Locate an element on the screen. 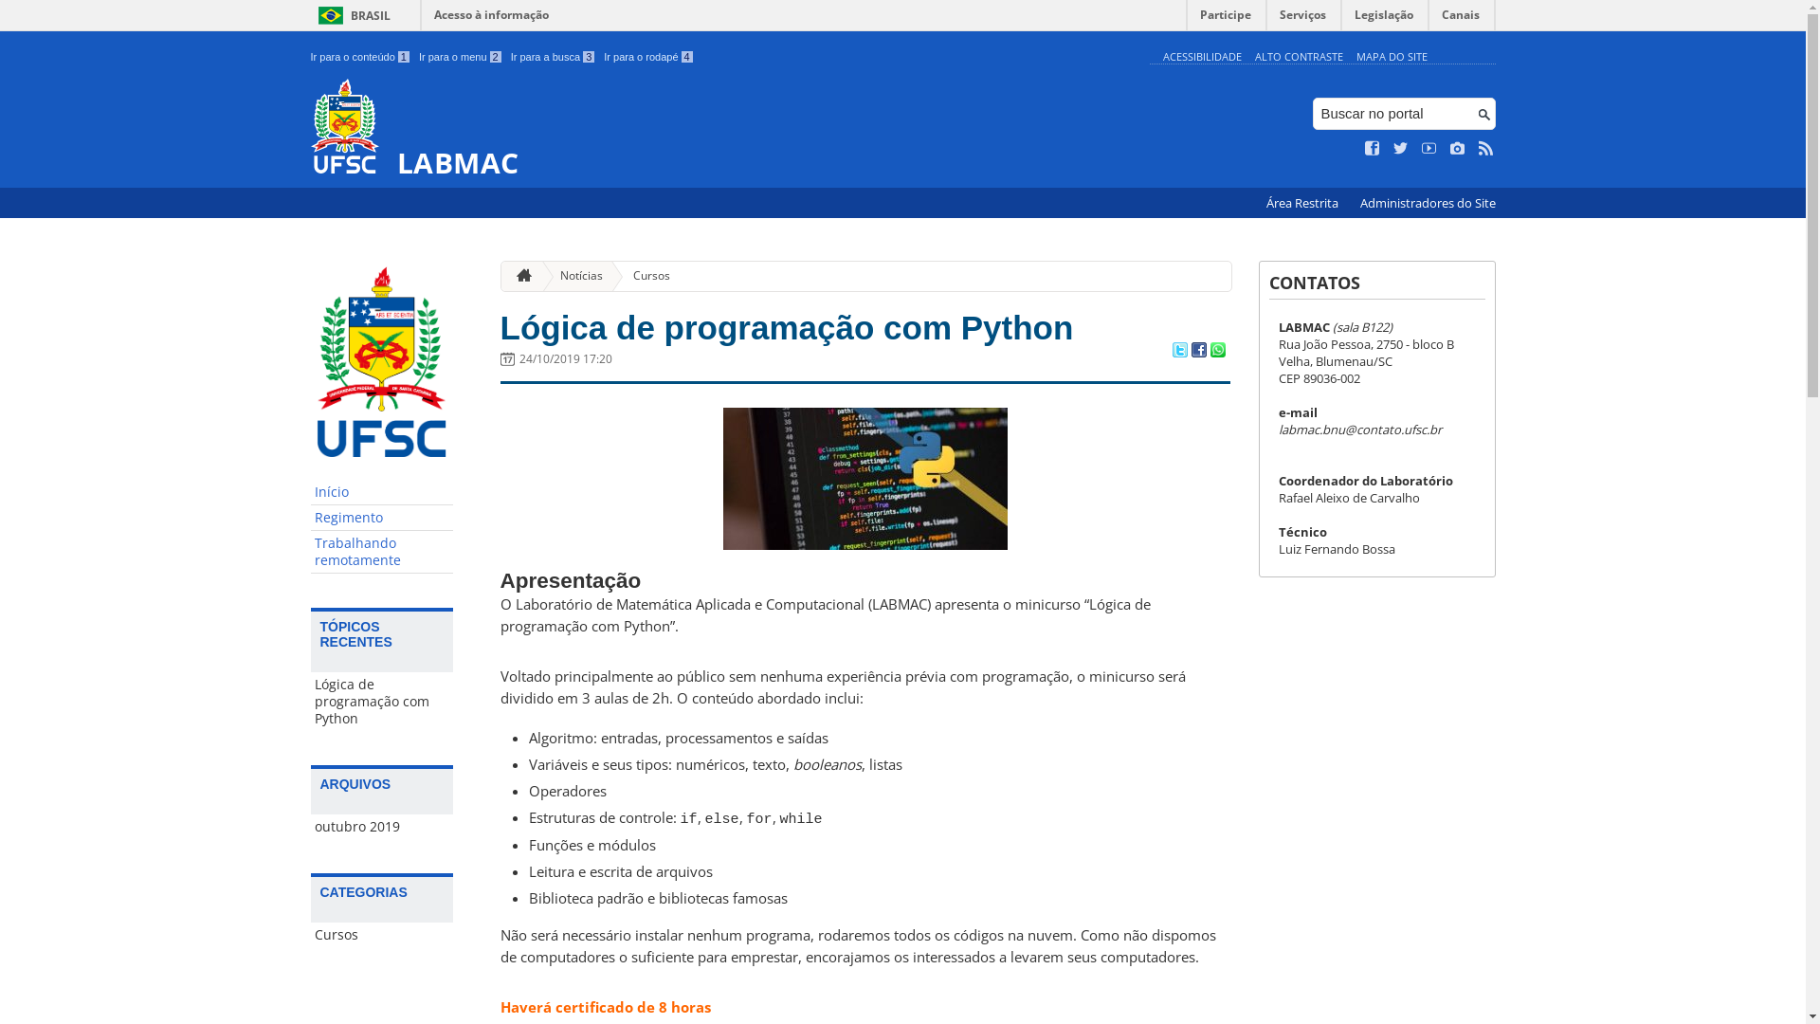  'Ir para a busca 3' is located at coordinates (510, 56).